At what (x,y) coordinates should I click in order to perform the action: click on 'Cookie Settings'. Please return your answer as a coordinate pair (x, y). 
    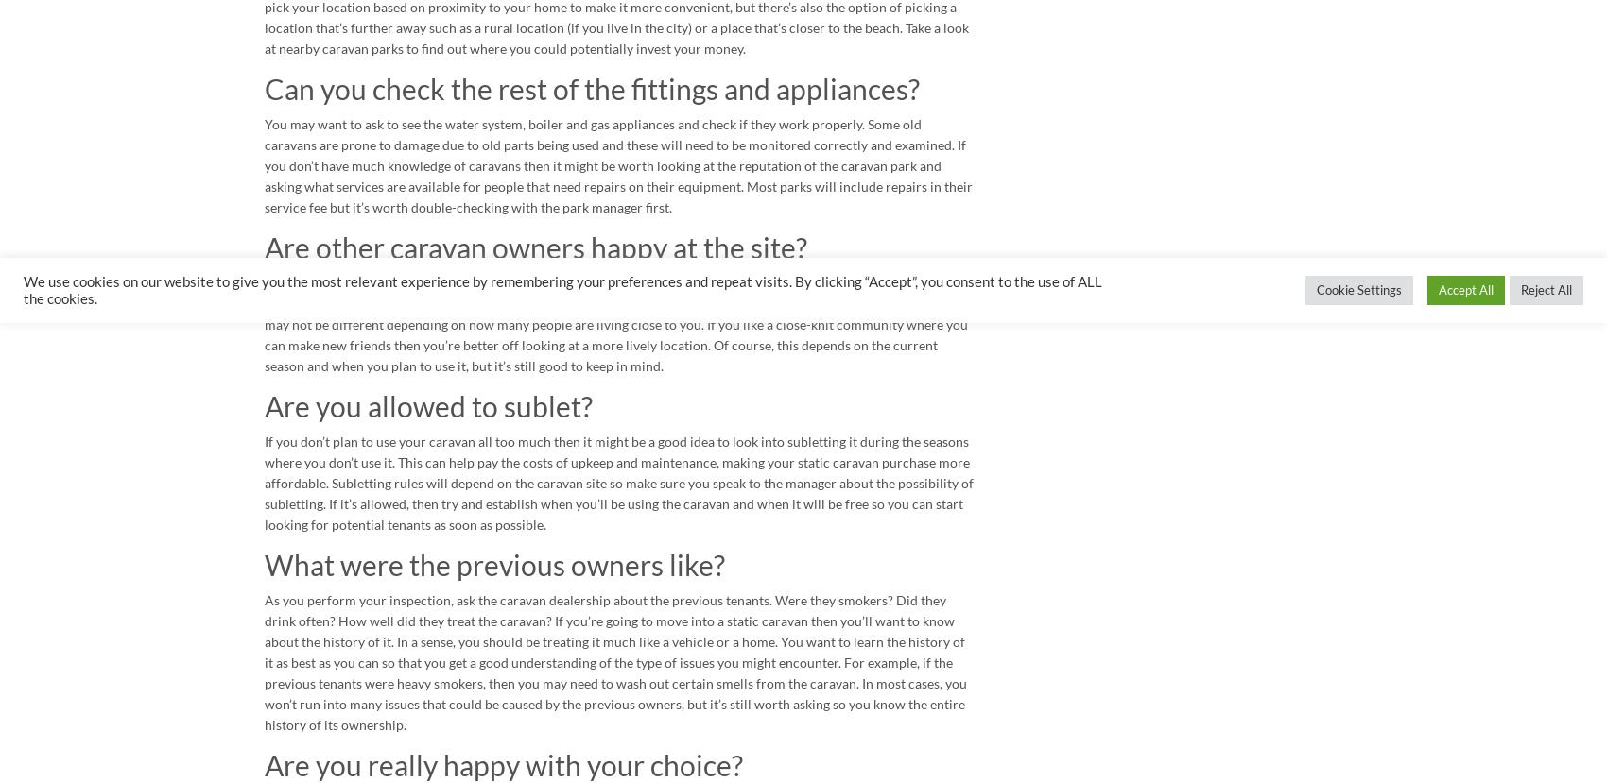
    Looking at the image, I should click on (1315, 289).